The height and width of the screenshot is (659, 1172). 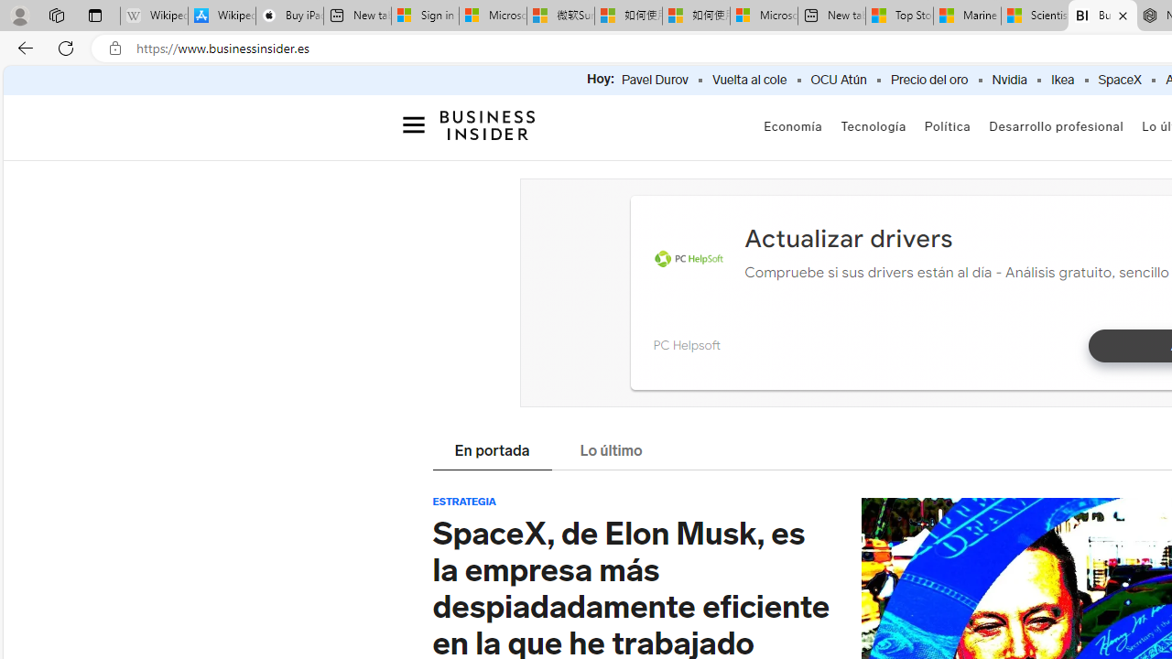 I want to click on 'Pavel Durov', so click(x=654, y=80).